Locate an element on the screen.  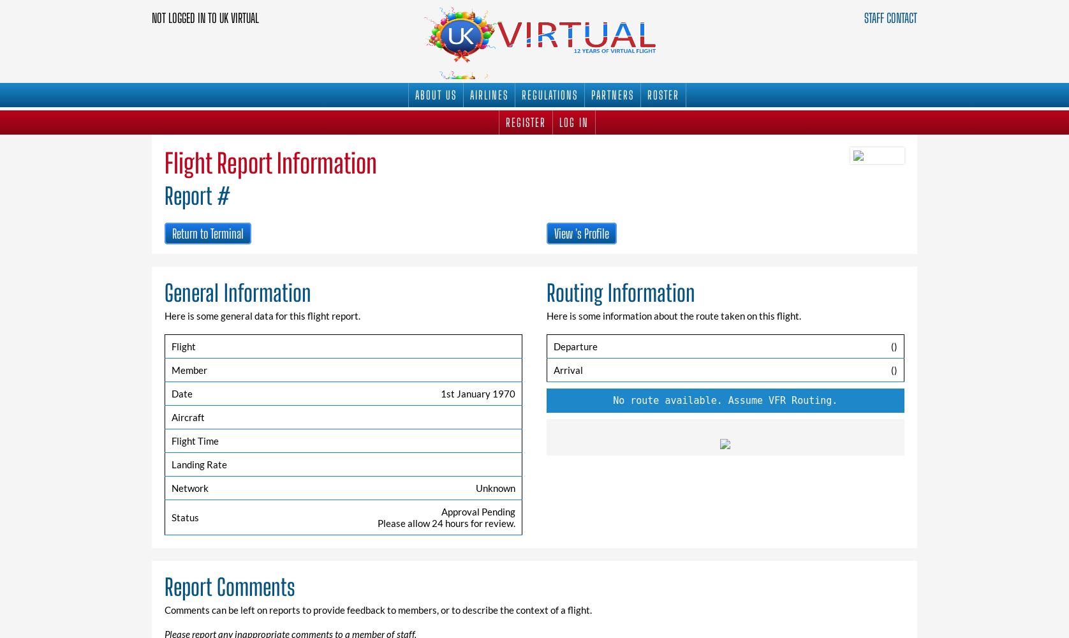
'View 's Profile' is located at coordinates (581, 233).